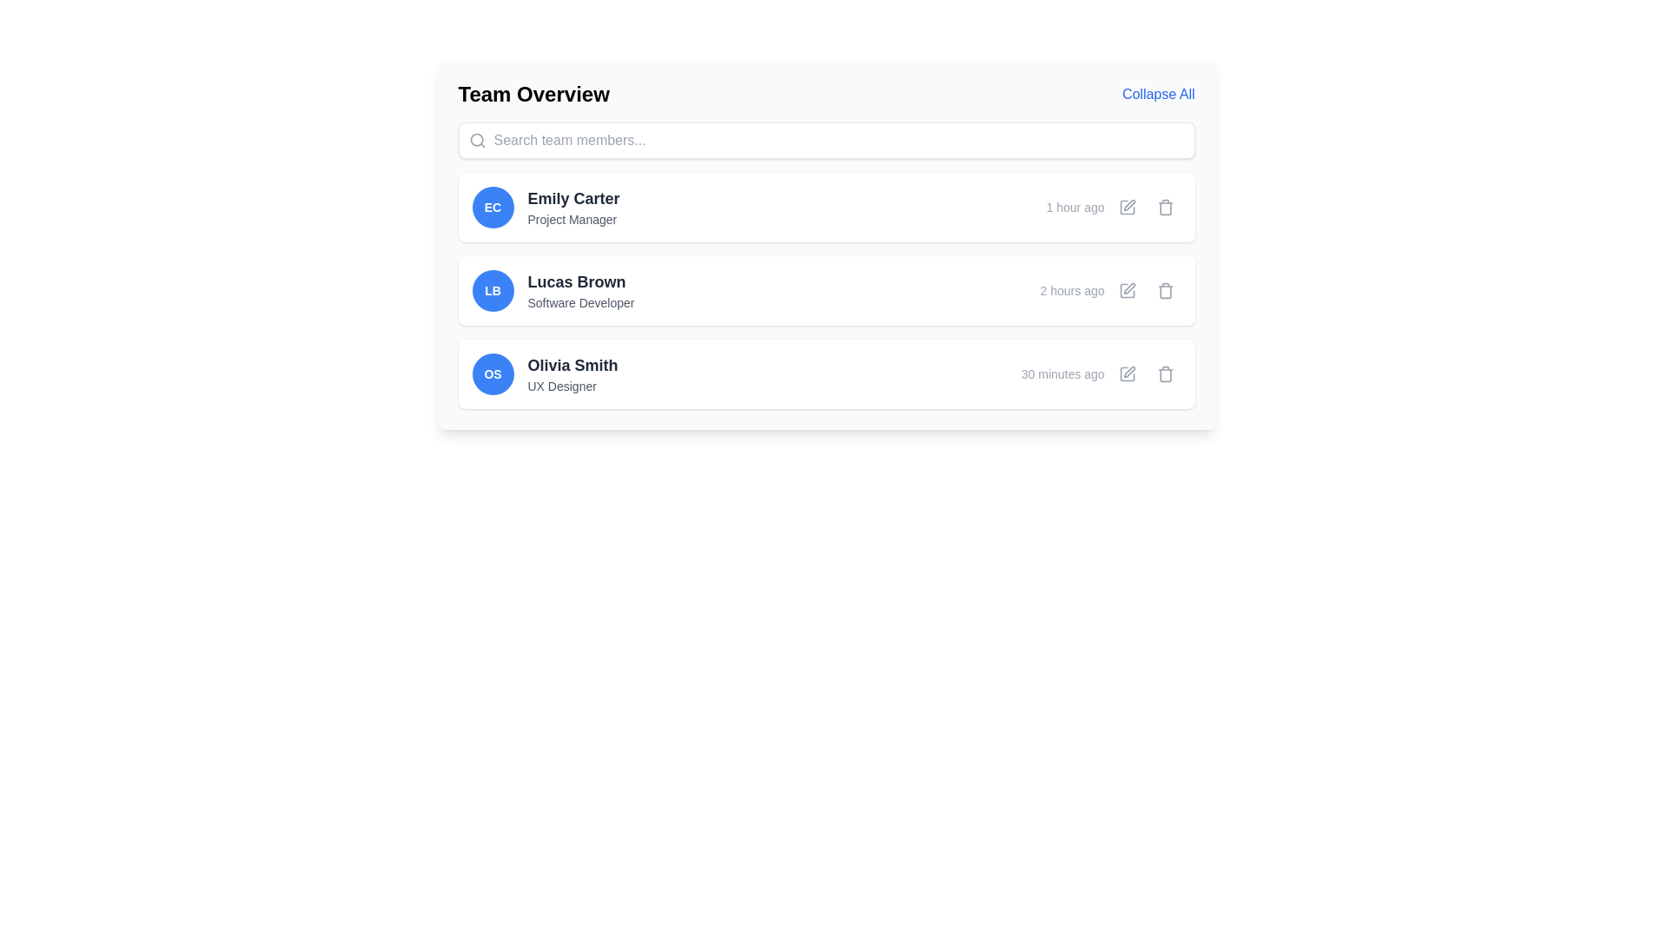 The height and width of the screenshot is (938, 1668). Describe the element at coordinates (1113, 207) in the screenshot. I see `information displayed in the text label showing '1 hour ago', which is positioned inline with the 'Emily Carter' listing details and adjacent icons` at that location.